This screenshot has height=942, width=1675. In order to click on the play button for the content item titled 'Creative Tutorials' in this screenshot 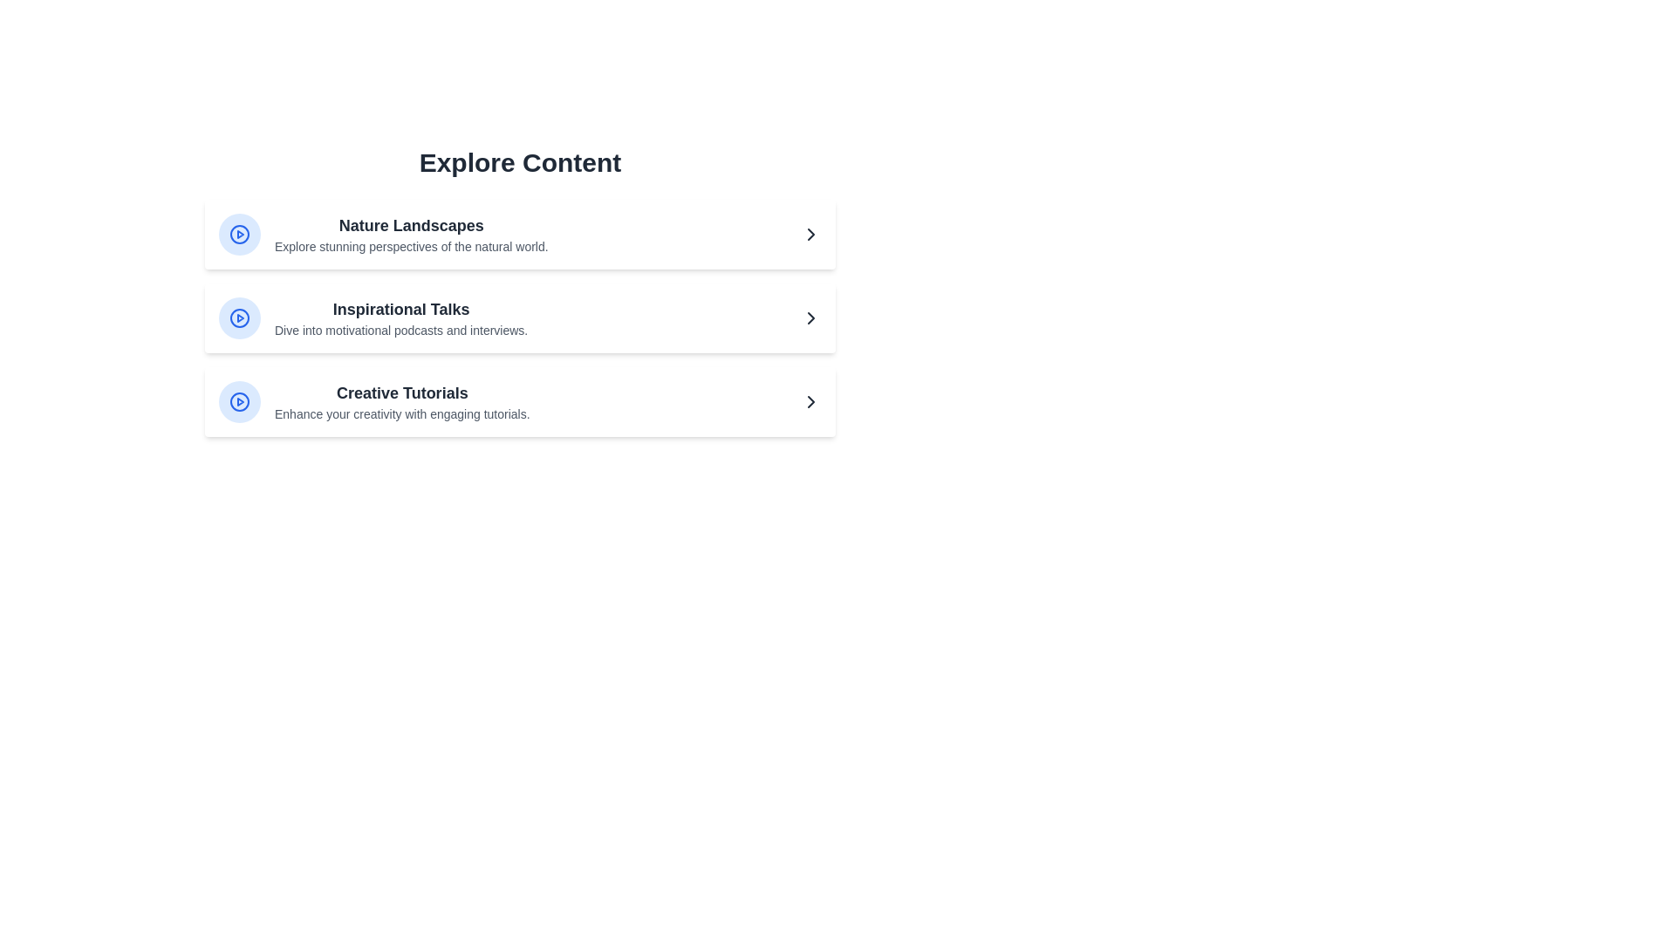, I will do `click(238, 402)`.